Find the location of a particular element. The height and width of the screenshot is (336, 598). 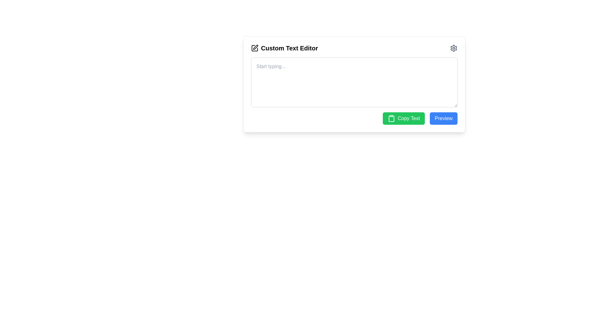

the preview button located at the bottom-right corner of the panel to observe the color change effect is located at coordinates (443, 119).